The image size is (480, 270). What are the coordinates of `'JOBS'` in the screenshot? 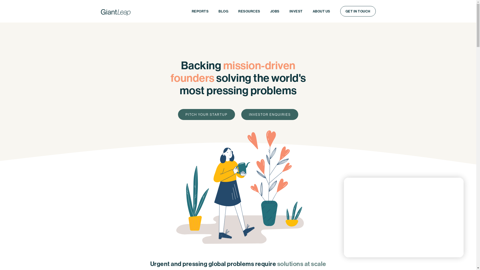 It's located at (265, 11).